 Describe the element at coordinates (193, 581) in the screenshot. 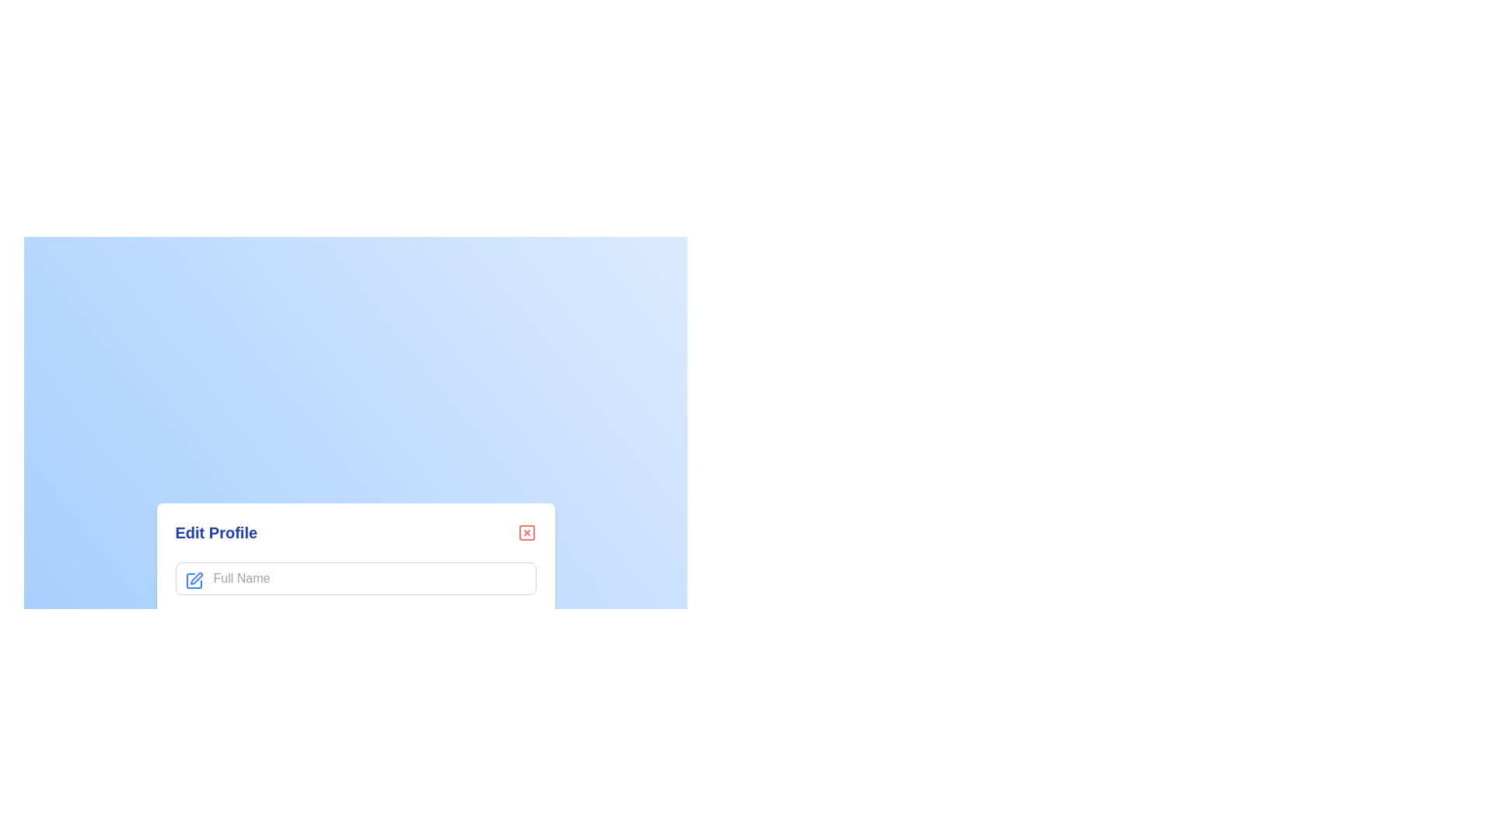

I see `the edit icon located in the top-left corner of the 'Full Name' input field within the 'Edit Profile' form` at that location.